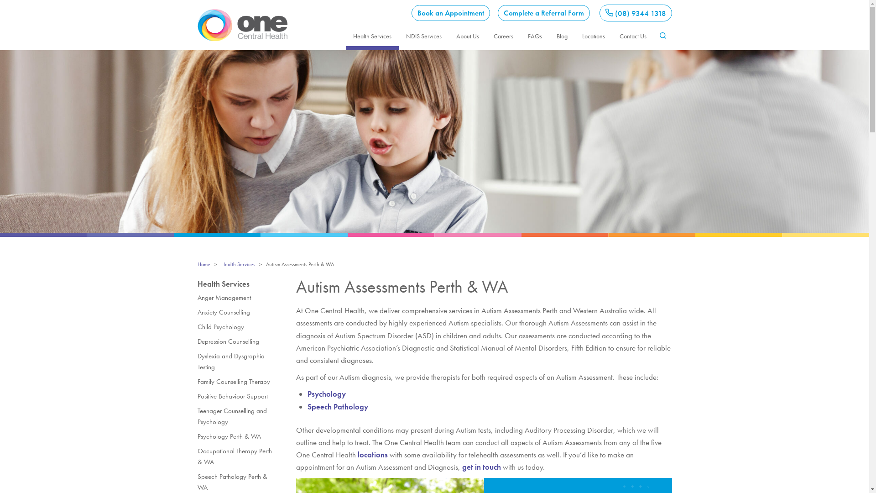 This screenshot has width=876, height=493. What do you see at coordinates (632, 35) in the screenshot?
I see `'Contact Us'` at bounding box center [632, 35].